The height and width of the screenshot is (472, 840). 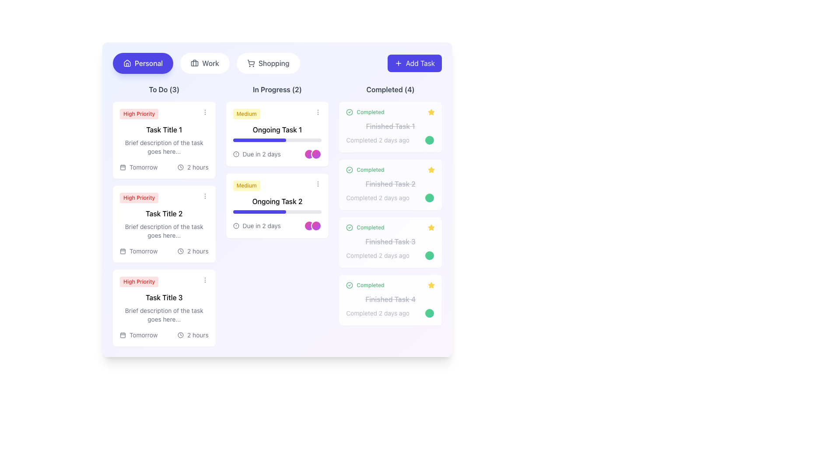 I want to click on the static text element labeled 'Due in 2 days' that is styled in gray and located at the bottom area of the card labeled 'Ongoing Task 2', so click(x=276, y=225).